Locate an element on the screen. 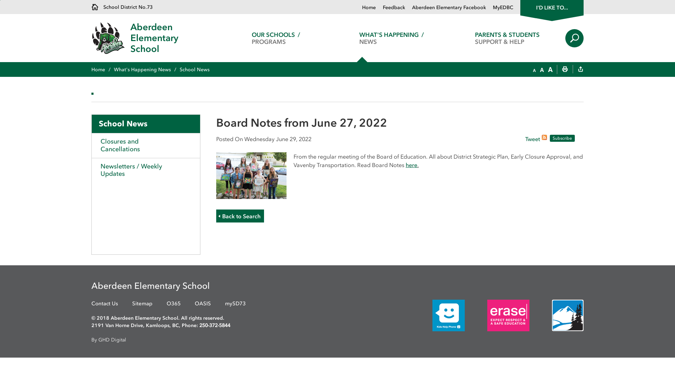  'Back to Search' is located at coordinates (240, 215).